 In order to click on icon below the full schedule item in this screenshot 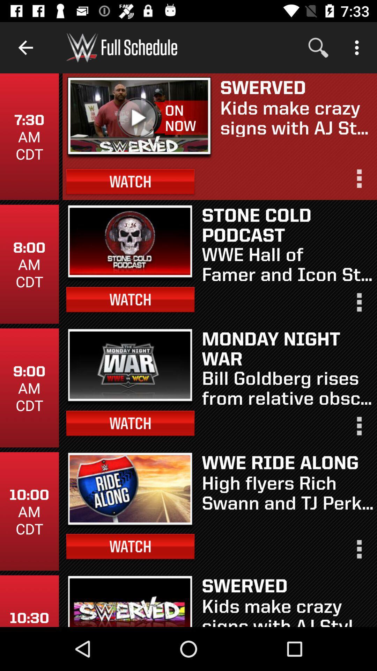, I will do `click(139, 118)`.